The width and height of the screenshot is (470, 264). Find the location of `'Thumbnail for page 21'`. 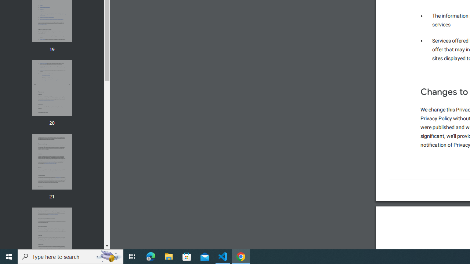

'Thumbnail for page 21' is located at coordinates (51, 161).